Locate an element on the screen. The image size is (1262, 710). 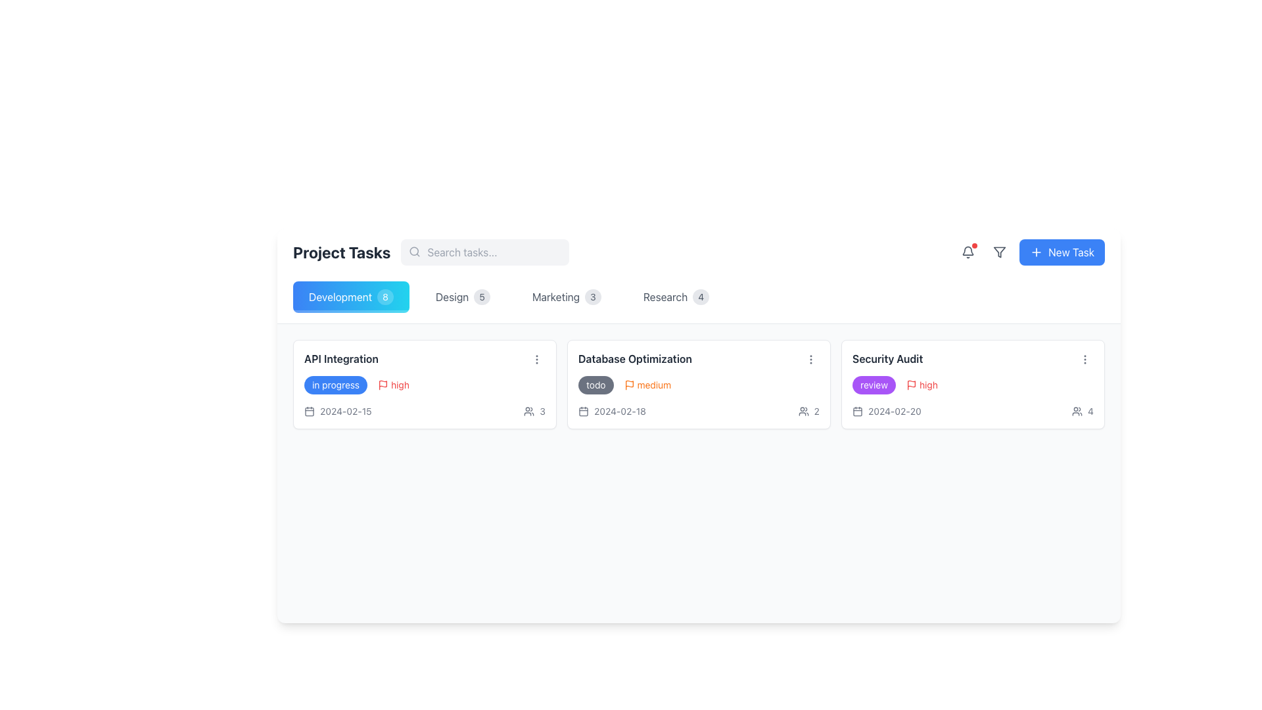
the label 'medium' with an orange flag icon located within the 'Database Optimization' card in the 'Project Tasks' section to interact with nearby elements is located at coordinates (647, 385).